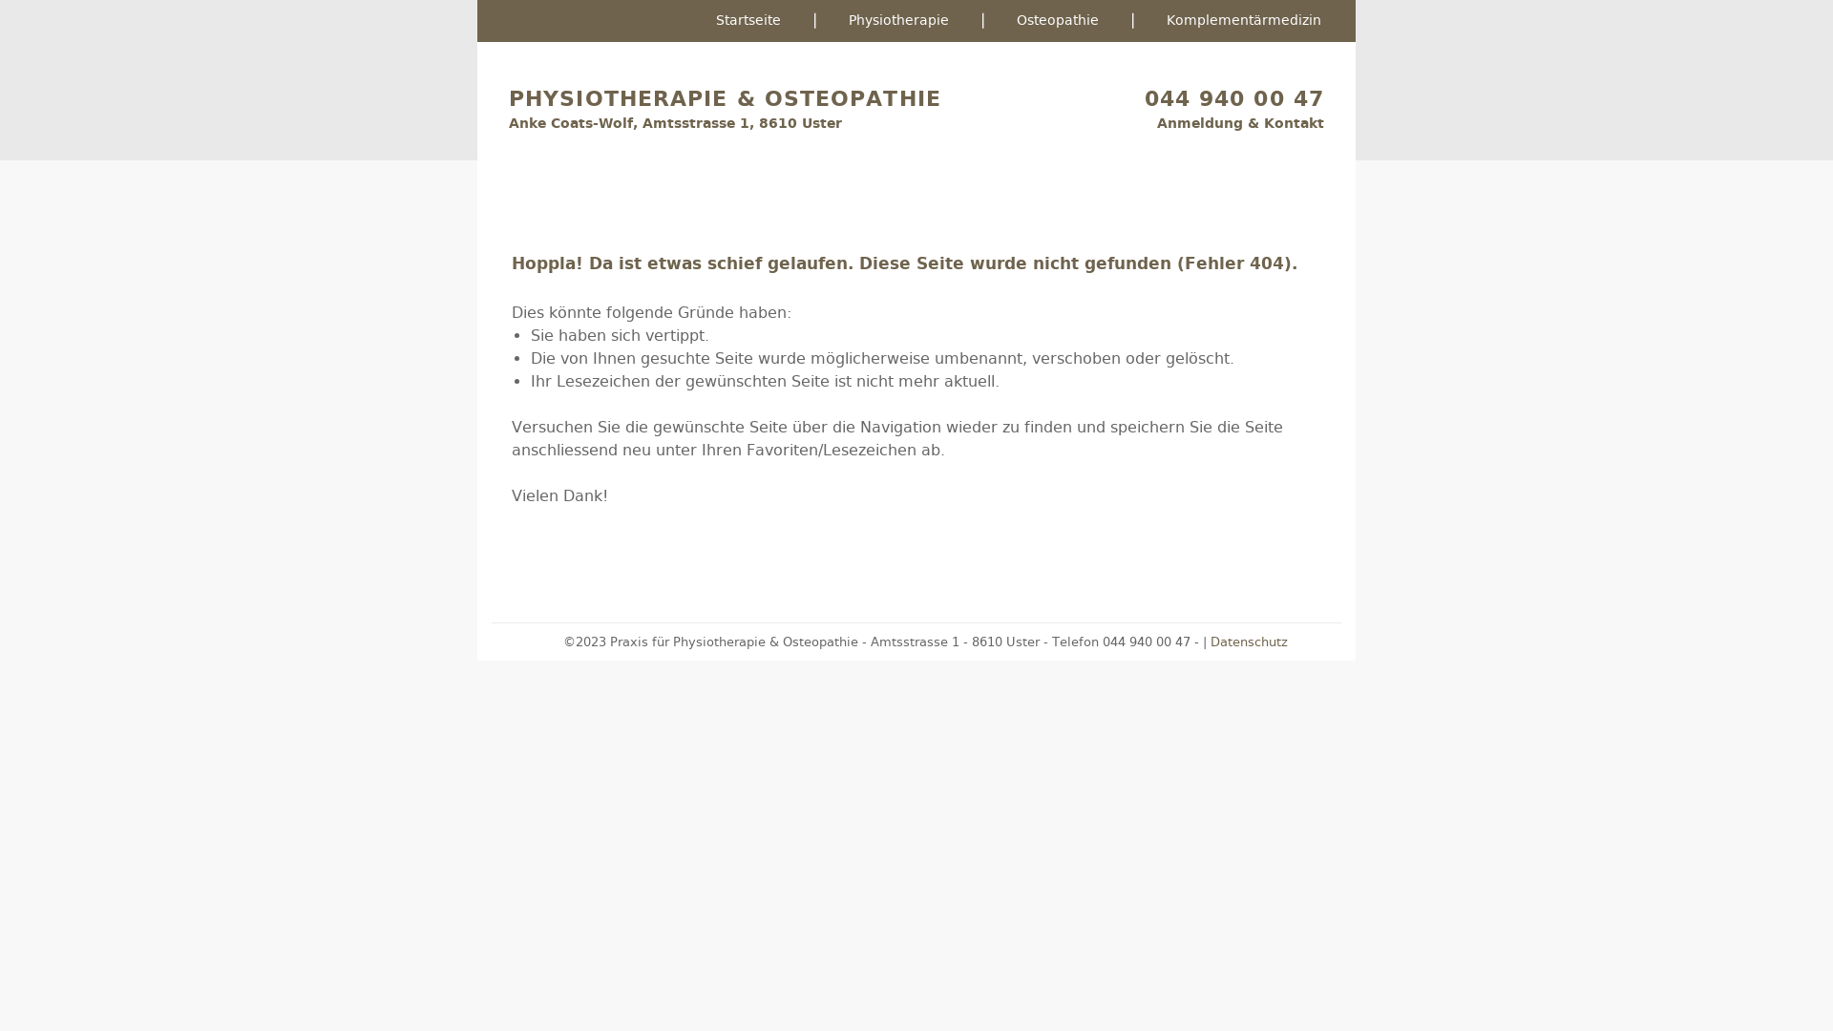 The height and width of the screenshot is (1031, 1833). Describe the element at coordinates (724, 99) in the screenshot. I see `'PHYSIOTHERAPIE & OSTEOPATHIE'` at that location.